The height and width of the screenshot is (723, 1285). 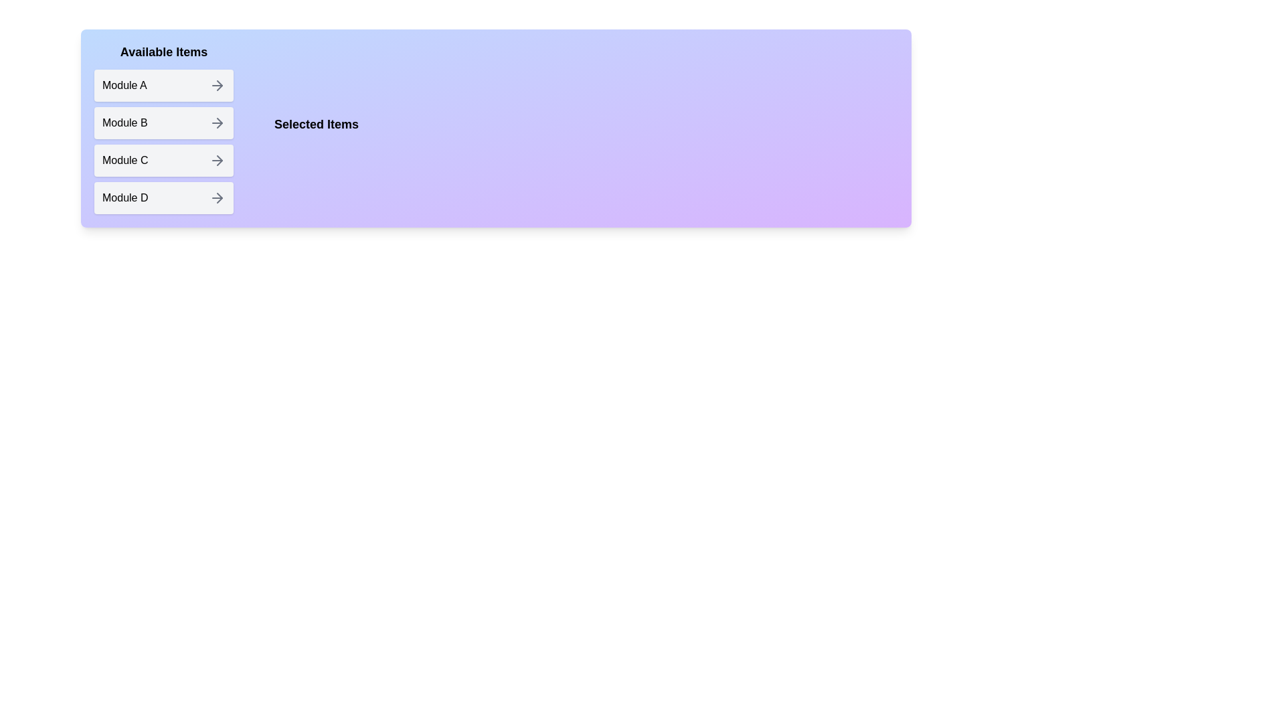 I want to click on arrow button next to the item Module D in the 'Available Items' list to transfer it to the 'Selected Items' list, so click(x=218, y=198).